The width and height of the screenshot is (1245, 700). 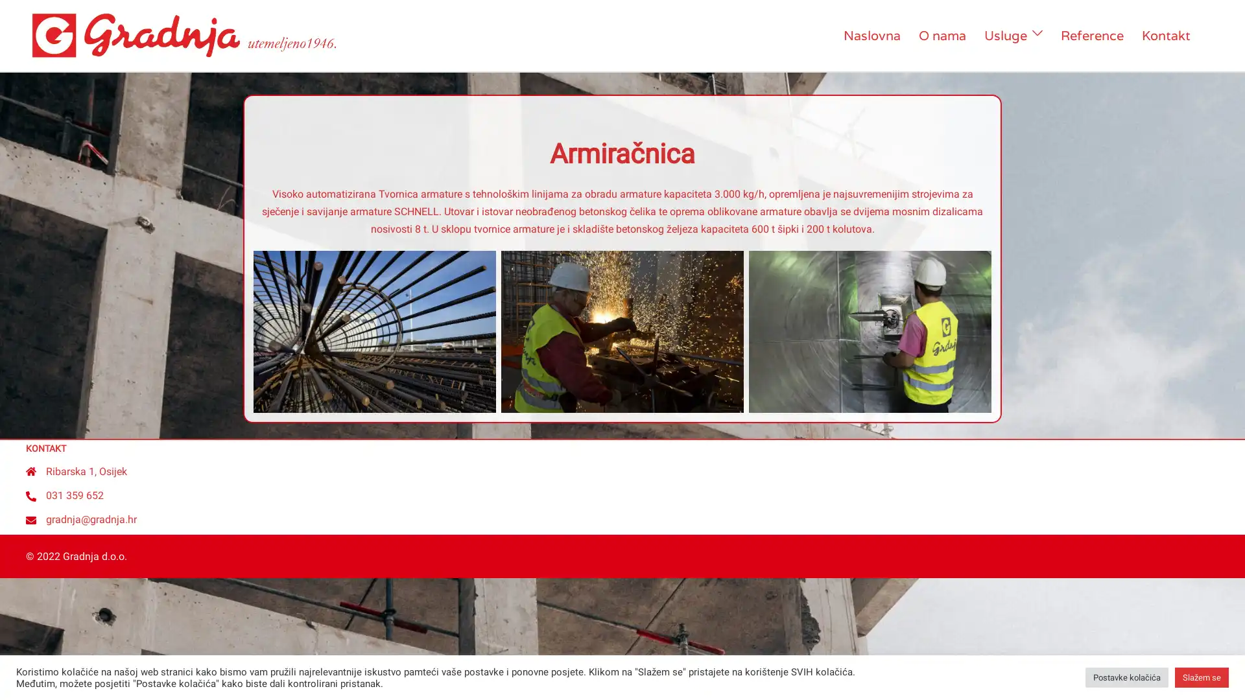 What do you see at coordinates (1201, 677) in the screenshot?
I see `Slazem se` at bounding box center [1201, 677].